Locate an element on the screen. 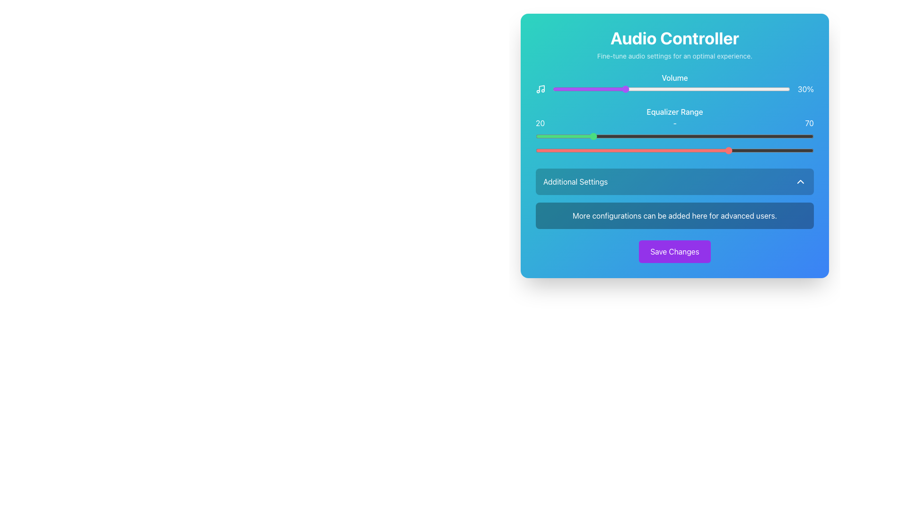 The height and width of the screenshot is (510, 908). the volume slider is located at coordinates (695, 89).